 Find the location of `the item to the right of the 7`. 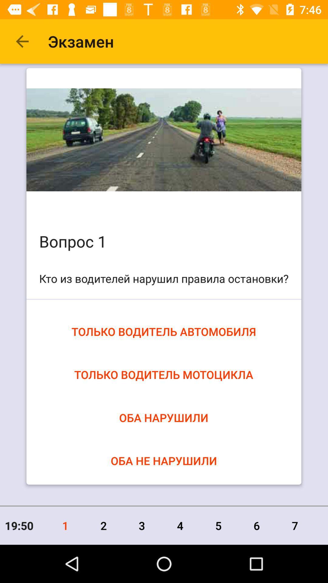

the item to the right of the 7 is located at coordinates (321, 525).